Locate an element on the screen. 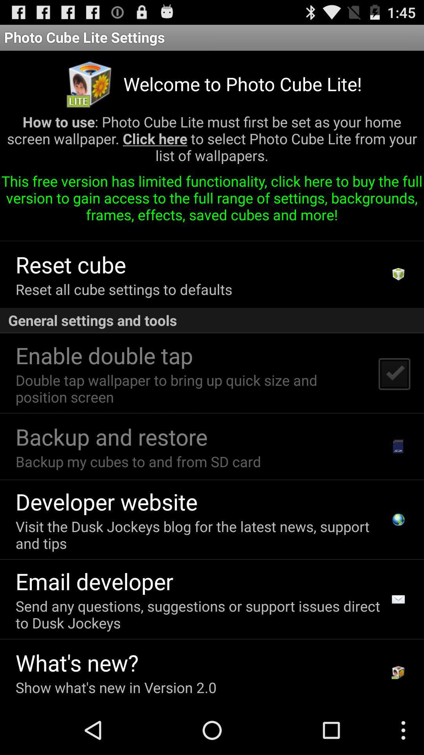  icon below the general settings and is located at coordinates (394, 373).